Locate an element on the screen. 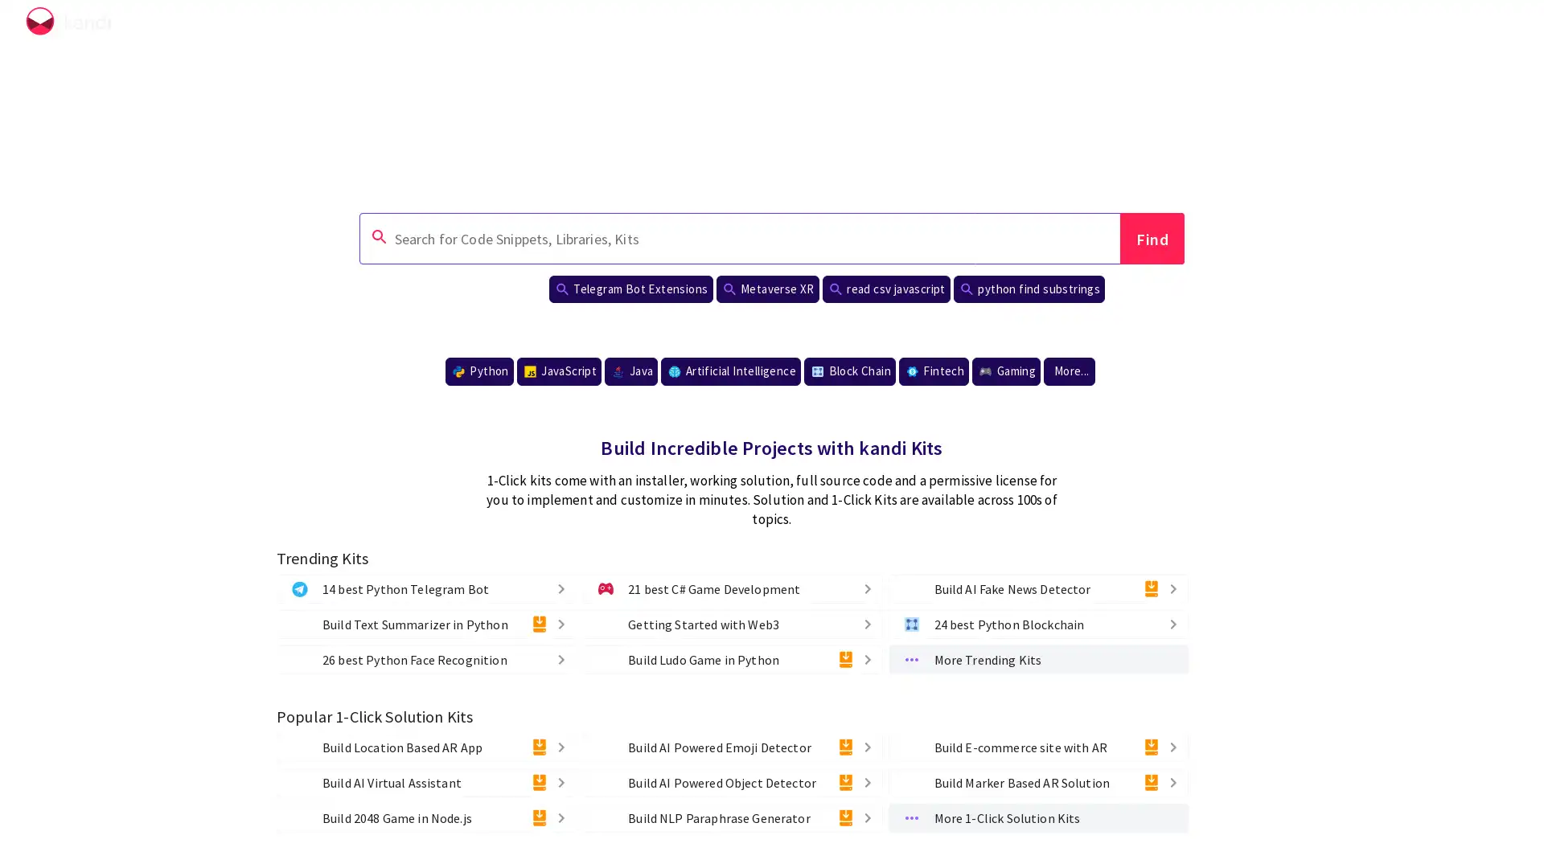 The width and height of the screenshot is (1544, 868). search icon python find substrings is located at coordinates (1028, 288).